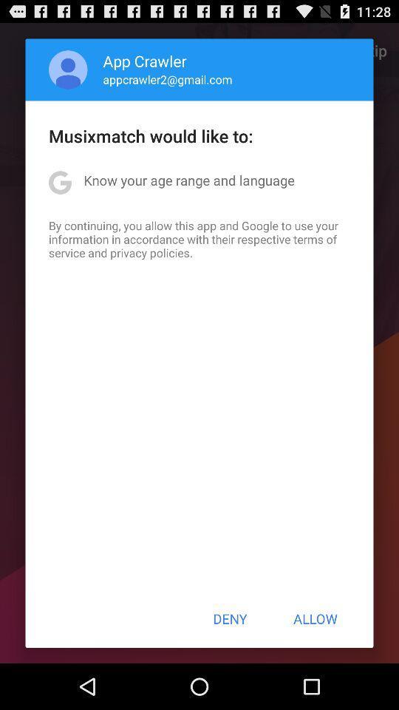  I want to click on the app above the musixmatch would like, so click(67, 70).